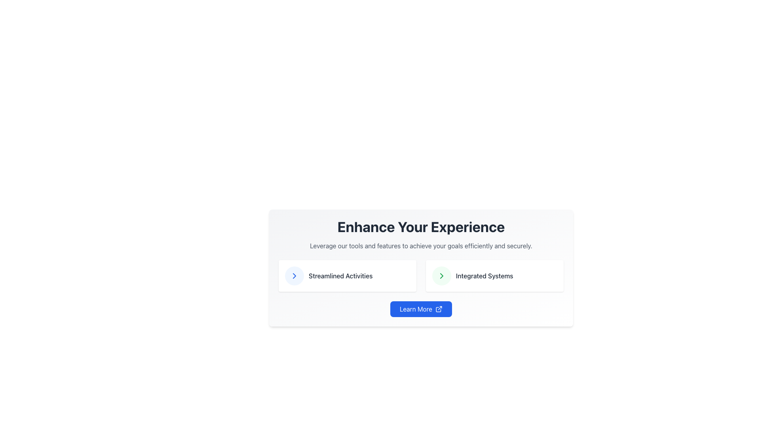 The image size is (760, 427). I want to click on the circular icon with a soft green background and a right-pointing chevron arrow, located to the left of the 'Integrated Systems' label, so click(441, 276).